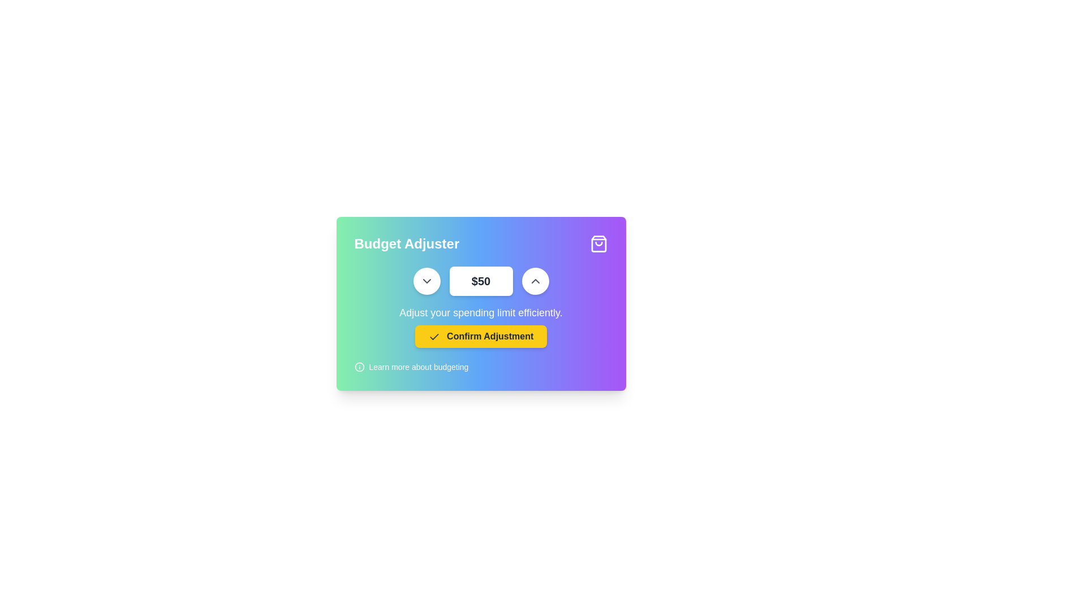 The width and height of the screenshot is (1086, 610). What do you see at coordinates (407, 243) in the screenshot?
I see `the budget adjustment section title label, which is positioned in the upper-left corner of its card, above the input controls` at bounding box center [407, 243].